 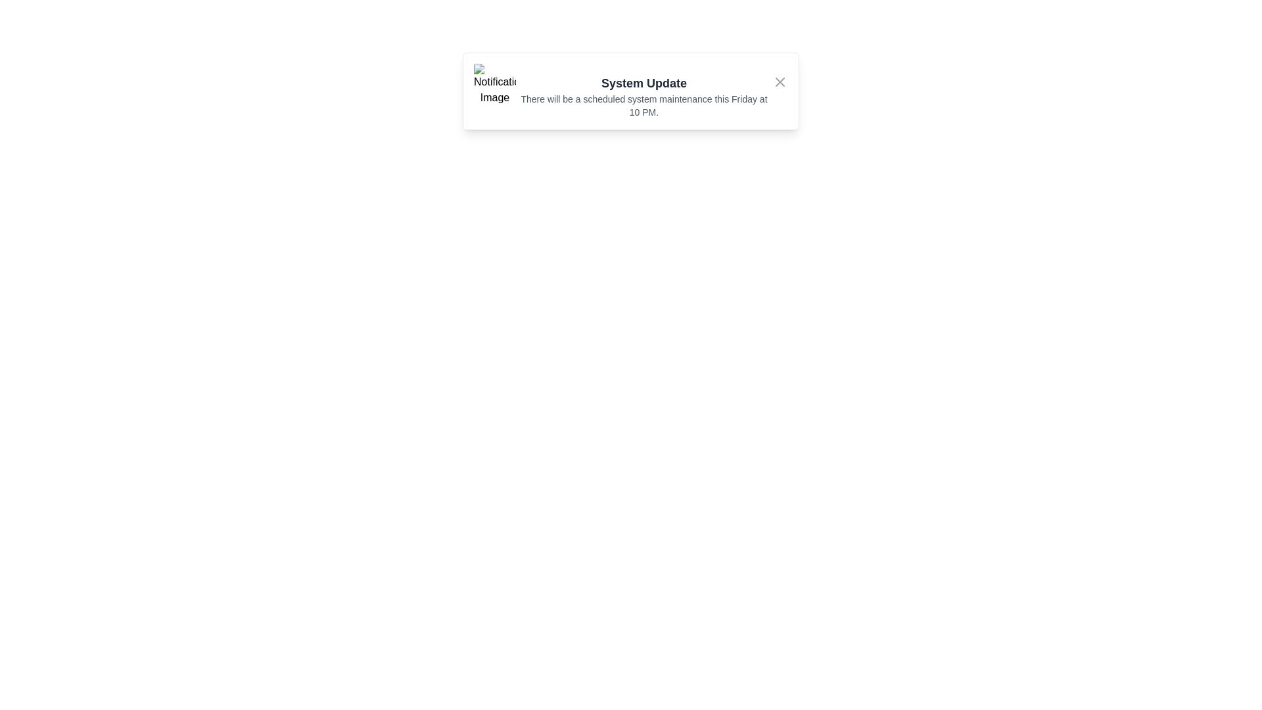 What do you see at coordinates (780, 82) in the screenshot?
I see `the close button to close the snackbar` at bounding box center [780, 82].